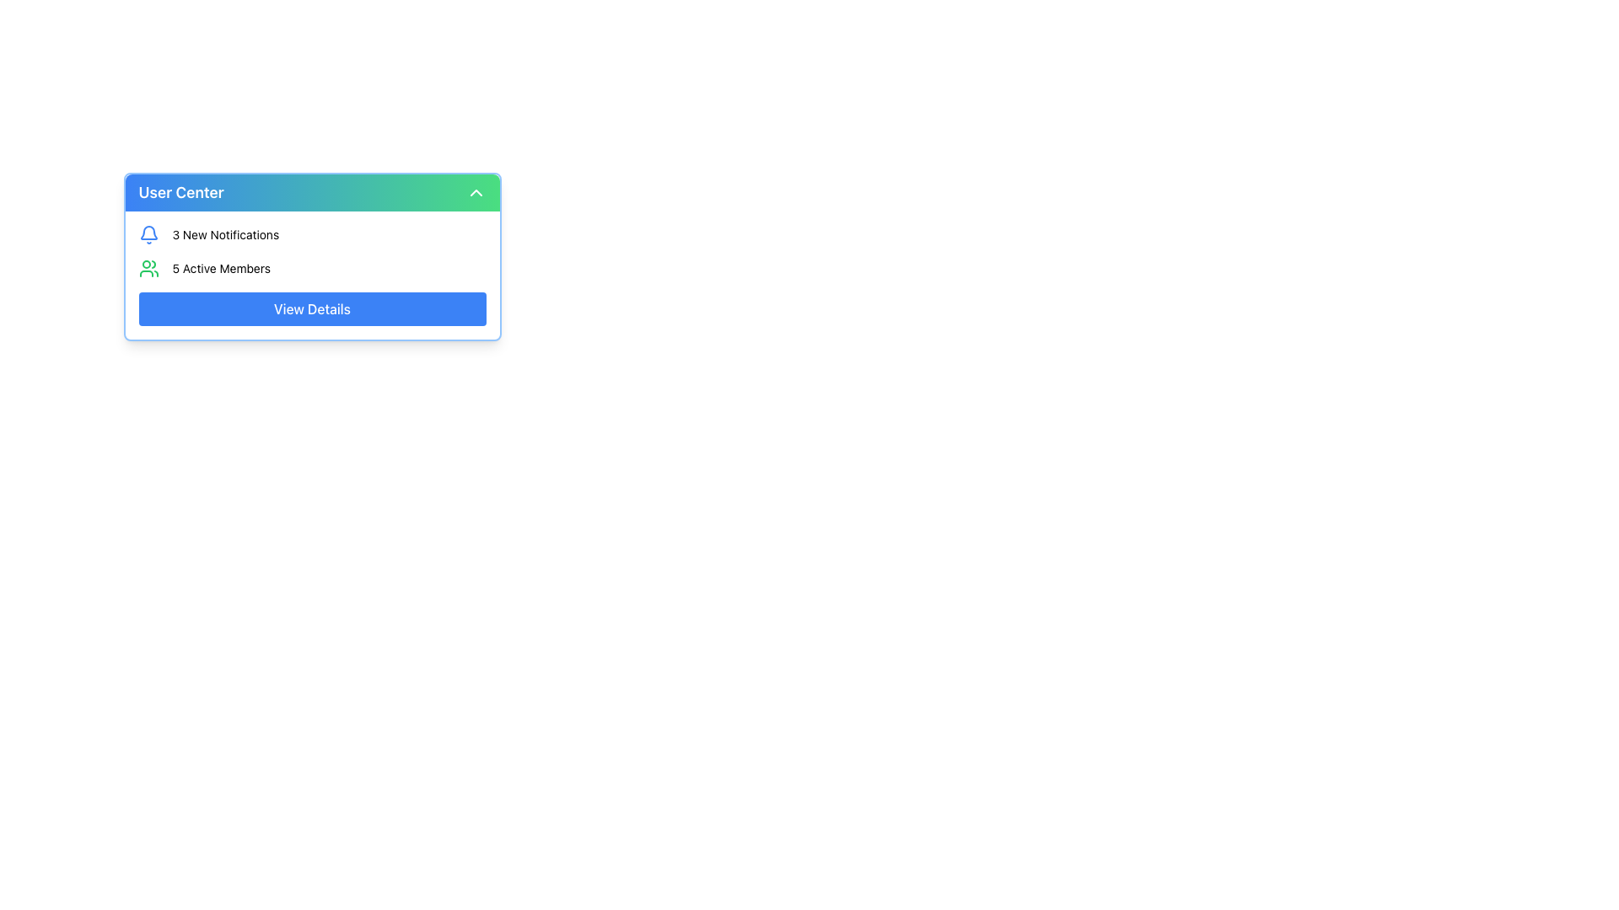 The height and width of the screenshot is (910, 1619). I want to click on the 'Active Members' icon located to the left of the text '5 Active Members' in the interface, so click(148, 268).